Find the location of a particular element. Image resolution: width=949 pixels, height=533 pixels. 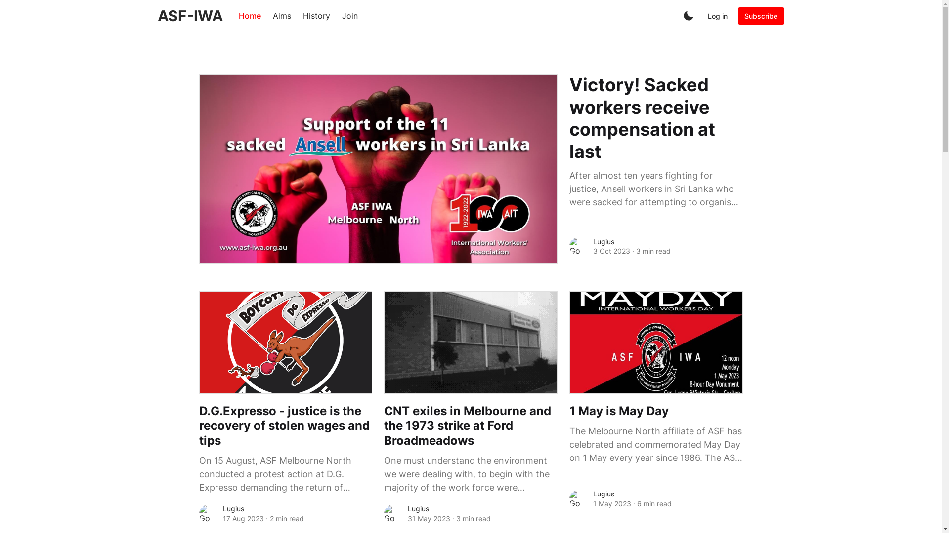

'Aims' is located at coordinates (281, 15).